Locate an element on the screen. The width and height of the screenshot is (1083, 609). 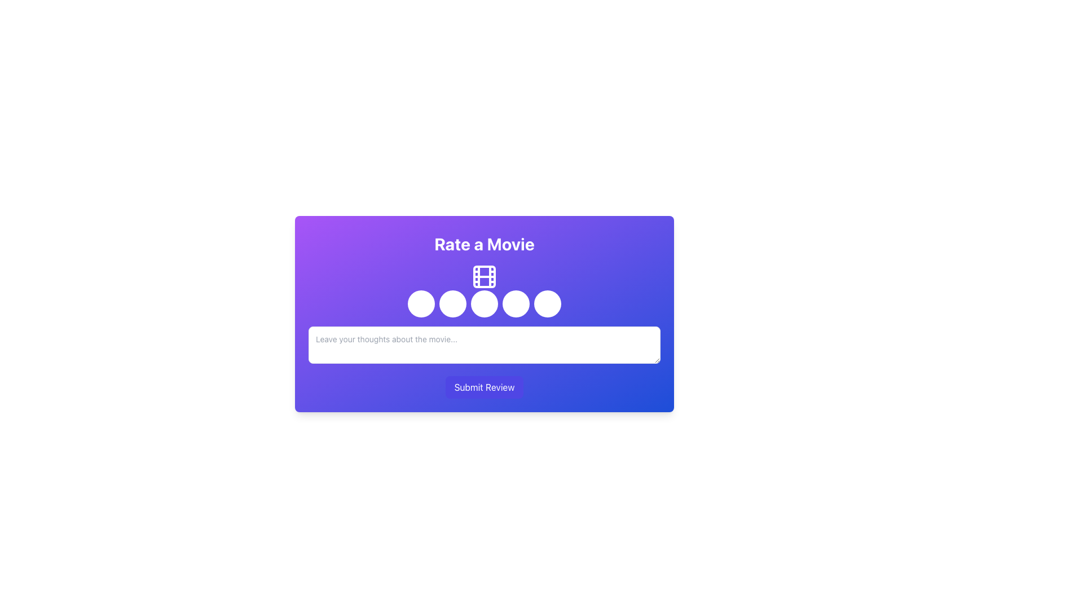
the circular button with a white background located below the 'Rate a Movie' title, which is the last in a set of five buttons, to trigger a visual effect is located at coordinates (547, 303).